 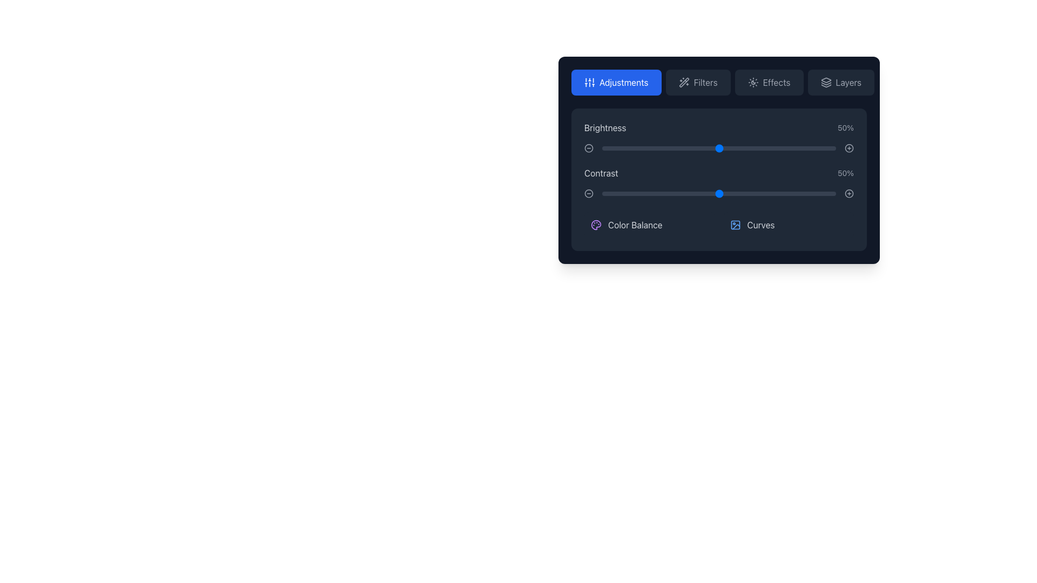 What do you see at coordinates (791, 148) in the screenshot?
I see `Brightness slider` at bounding box center [791, 148].